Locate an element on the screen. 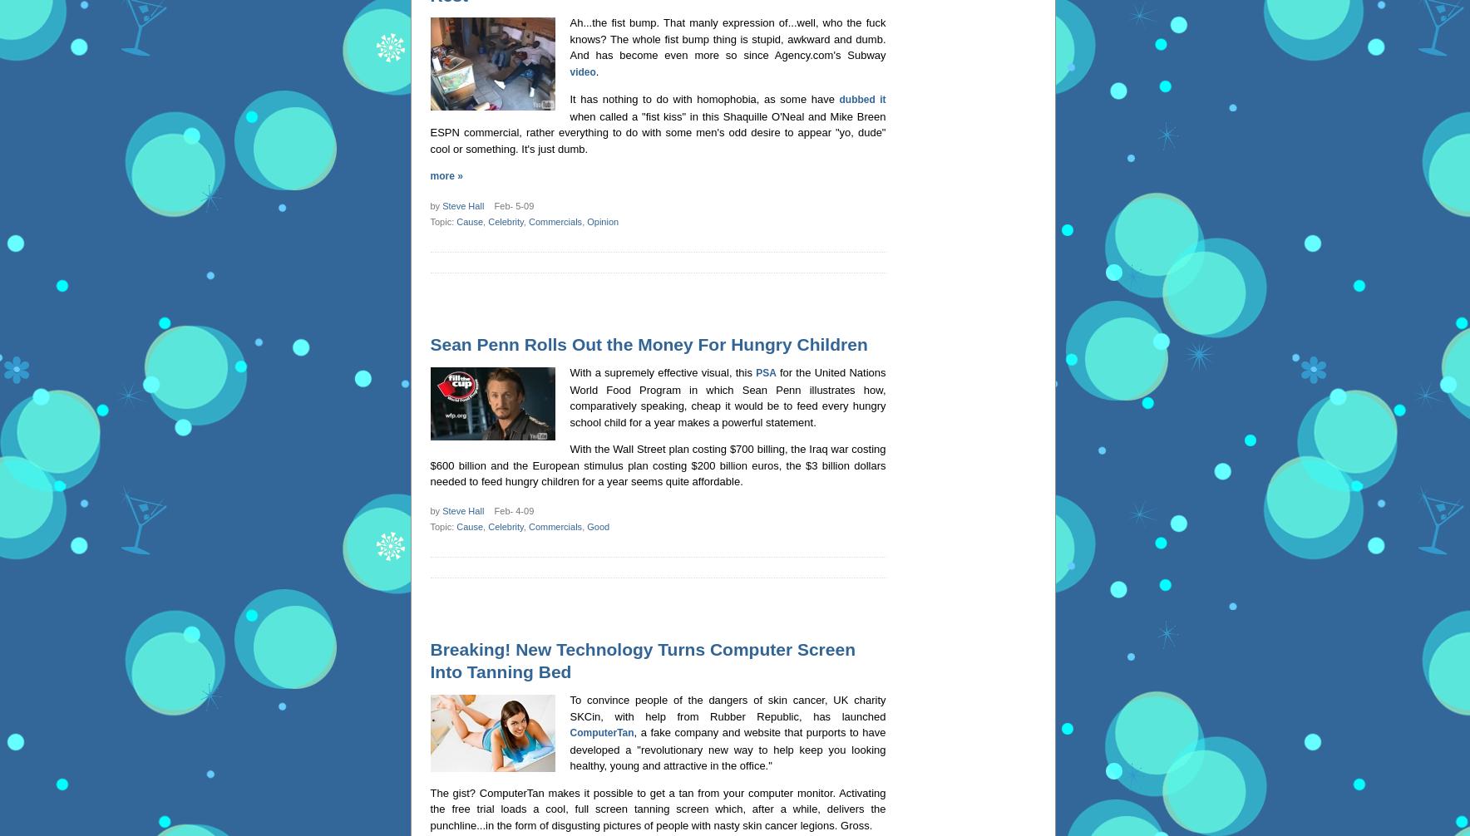 The height and width of the screenshot is (836, 1470). 'Feb- 5-09' is located at coordinates (483, 204).